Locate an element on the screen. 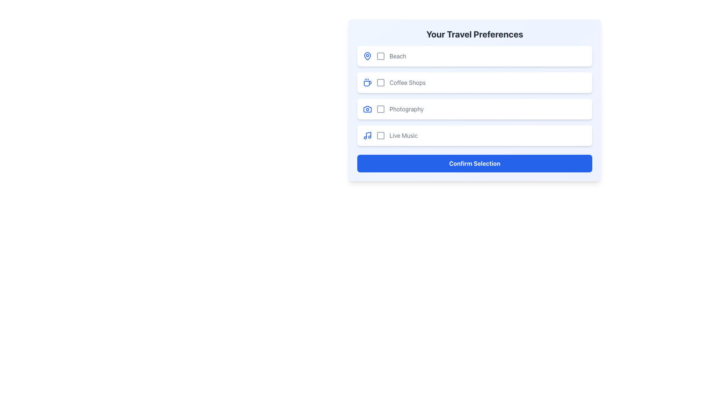 Image resolution: width=705 pixels, height=397 pixels. the checkbox located to the left of the 'Coffee Shops' title text, which is styled in light gray and appears next to a coffee cup icon is located at coordinates (380, 82).